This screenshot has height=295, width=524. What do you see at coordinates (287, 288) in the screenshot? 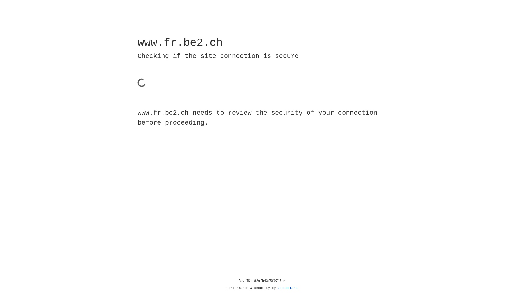
I see `'Cloudflare'` at bounding box center [287, 288].